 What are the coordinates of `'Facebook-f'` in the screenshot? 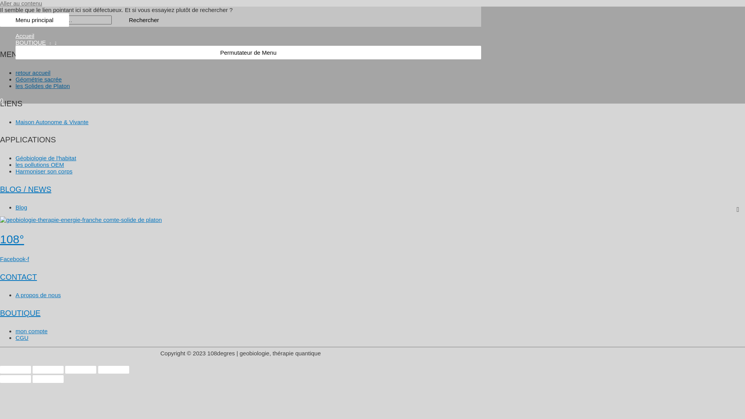 It's located at (0, 259).